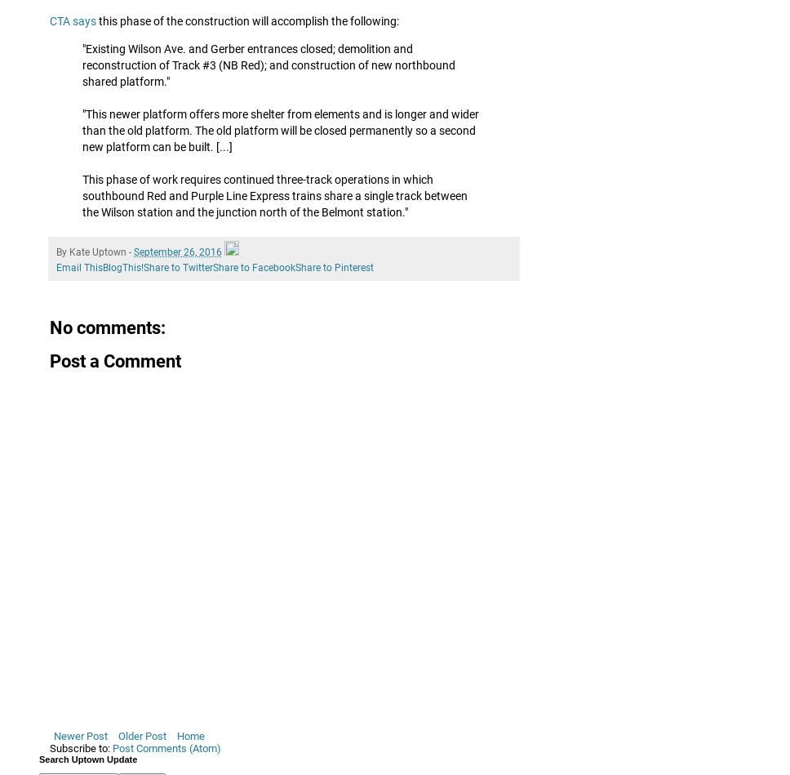 This screenshot has width=790, height=775. What do you see at coordinates (176, 251) in the screenshot?
I see `'September 26, 2016'` at bounding box center [176, 251].